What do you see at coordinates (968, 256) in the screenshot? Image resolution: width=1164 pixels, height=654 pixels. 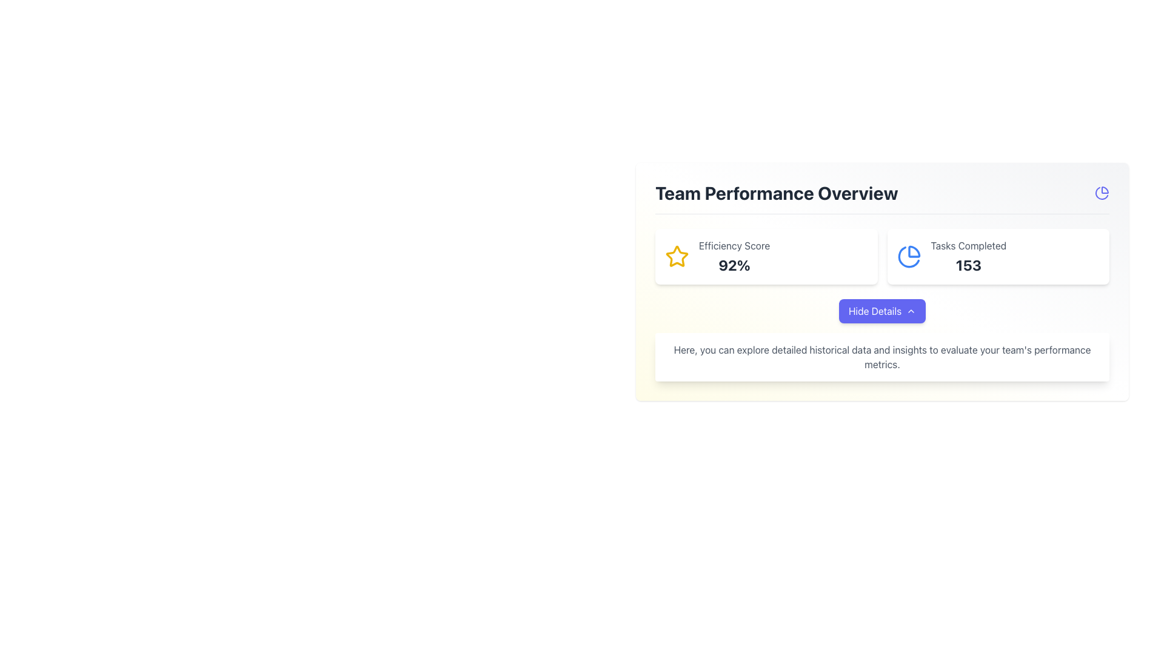 I see `the informational text label that displays the total number of tasks completed, located beneath the 'Tasks Completed' label in the right section of a two-card layout` at bounding box center [968, 256].